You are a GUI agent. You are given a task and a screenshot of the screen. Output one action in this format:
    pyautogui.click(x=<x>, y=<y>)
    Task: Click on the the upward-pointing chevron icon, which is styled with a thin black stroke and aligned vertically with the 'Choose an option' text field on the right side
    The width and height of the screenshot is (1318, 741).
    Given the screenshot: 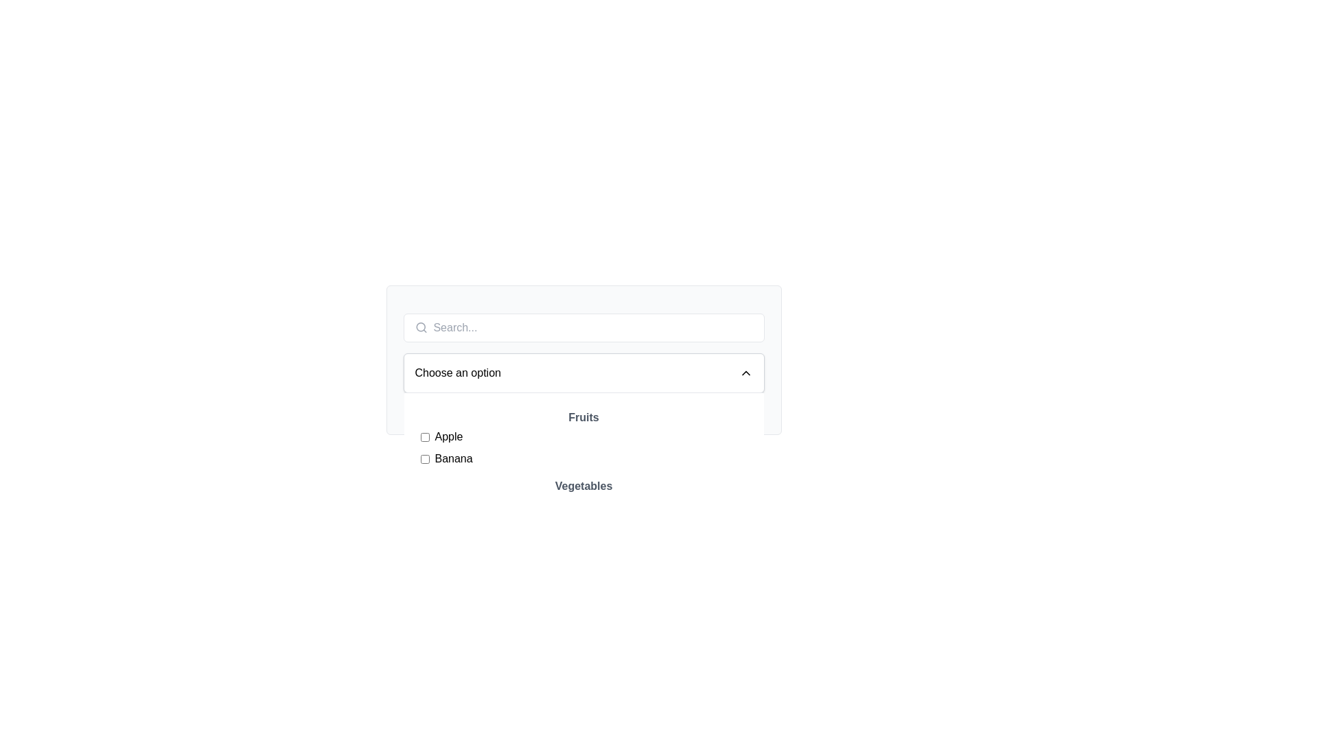 What is the action you would take?
    pyautogui.click(x=745, y=373)
    